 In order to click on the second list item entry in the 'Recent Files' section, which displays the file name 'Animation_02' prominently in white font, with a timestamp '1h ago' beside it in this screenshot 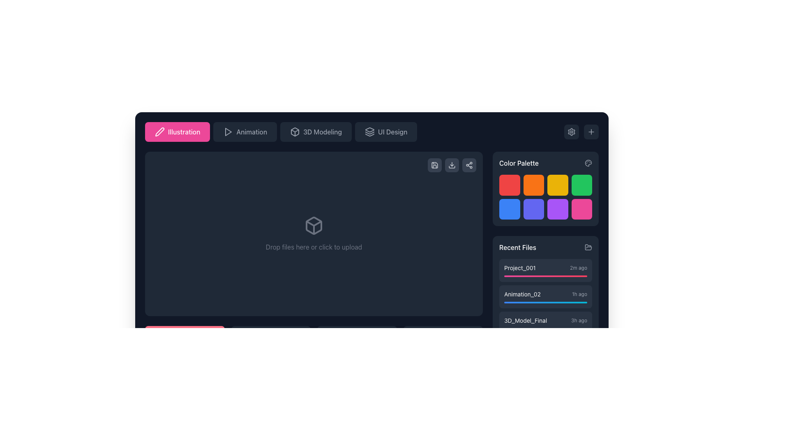, I will do `click(546, 296)`.